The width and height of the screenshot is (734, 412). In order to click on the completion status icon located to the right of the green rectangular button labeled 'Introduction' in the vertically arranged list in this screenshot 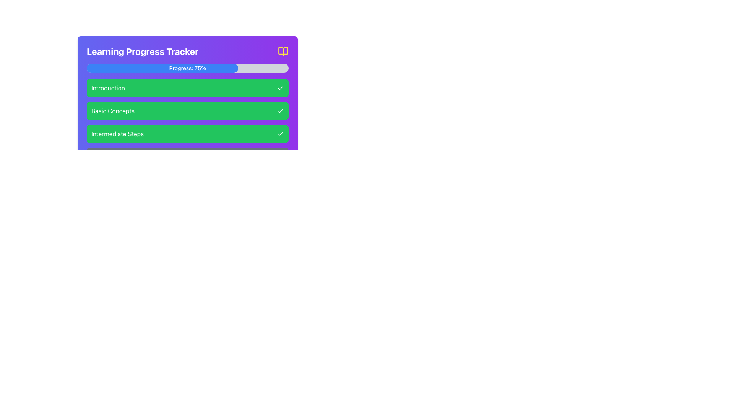, I will do `click(280, 88)`.